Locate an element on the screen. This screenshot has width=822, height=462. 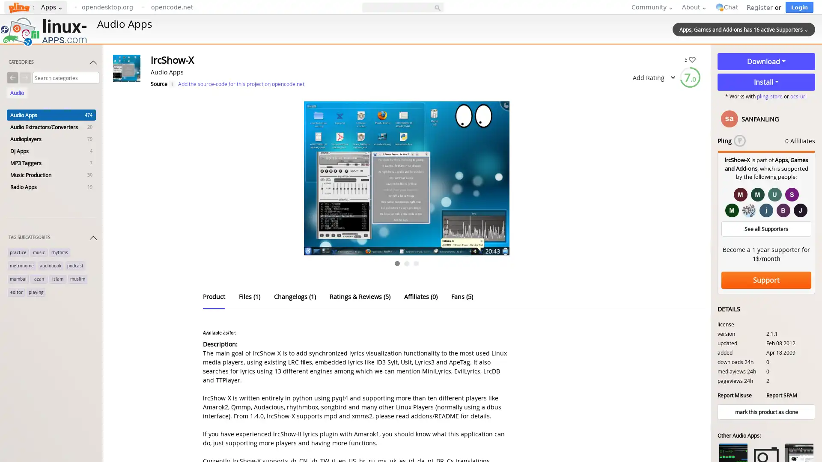
Go to slide 2 is located at coordinates (406, 263).